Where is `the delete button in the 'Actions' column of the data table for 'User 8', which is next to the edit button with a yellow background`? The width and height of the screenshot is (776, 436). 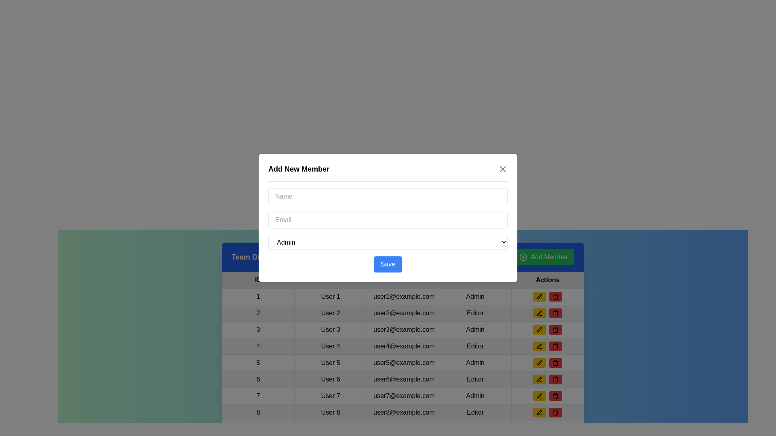
the delete button in the 'Actions' column of the data table for 'User 8', which is next to the edit button with a yellow background is located at coordinates (555, 379).